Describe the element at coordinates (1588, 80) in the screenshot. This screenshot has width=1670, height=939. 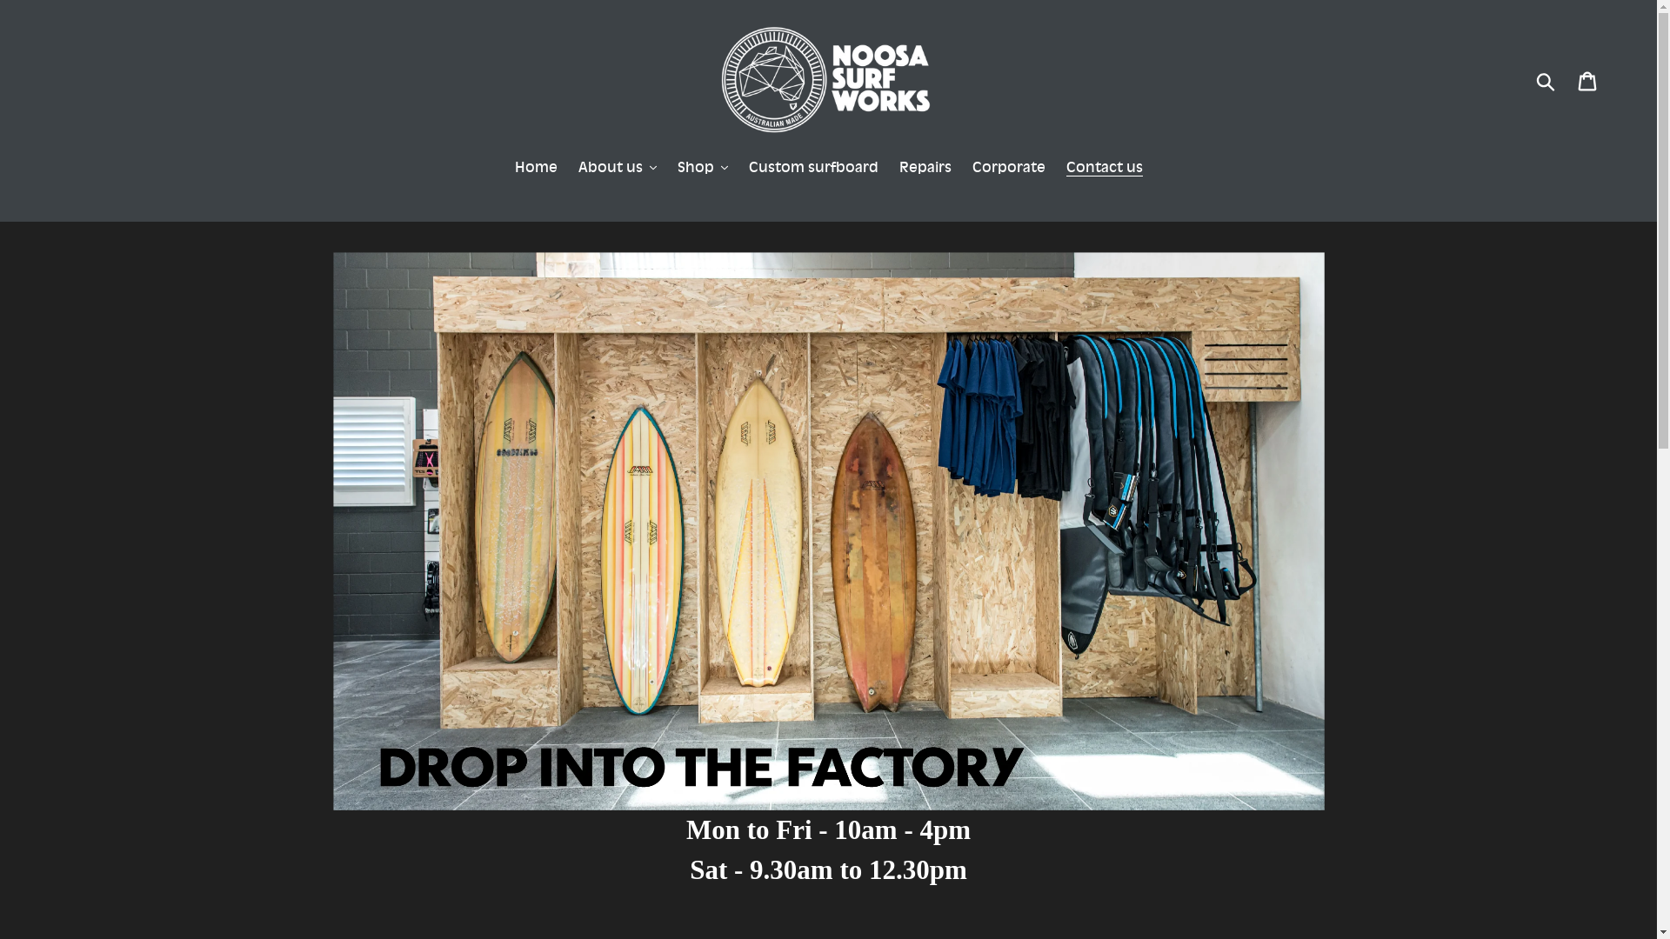
I see `'Cart'` at that location.